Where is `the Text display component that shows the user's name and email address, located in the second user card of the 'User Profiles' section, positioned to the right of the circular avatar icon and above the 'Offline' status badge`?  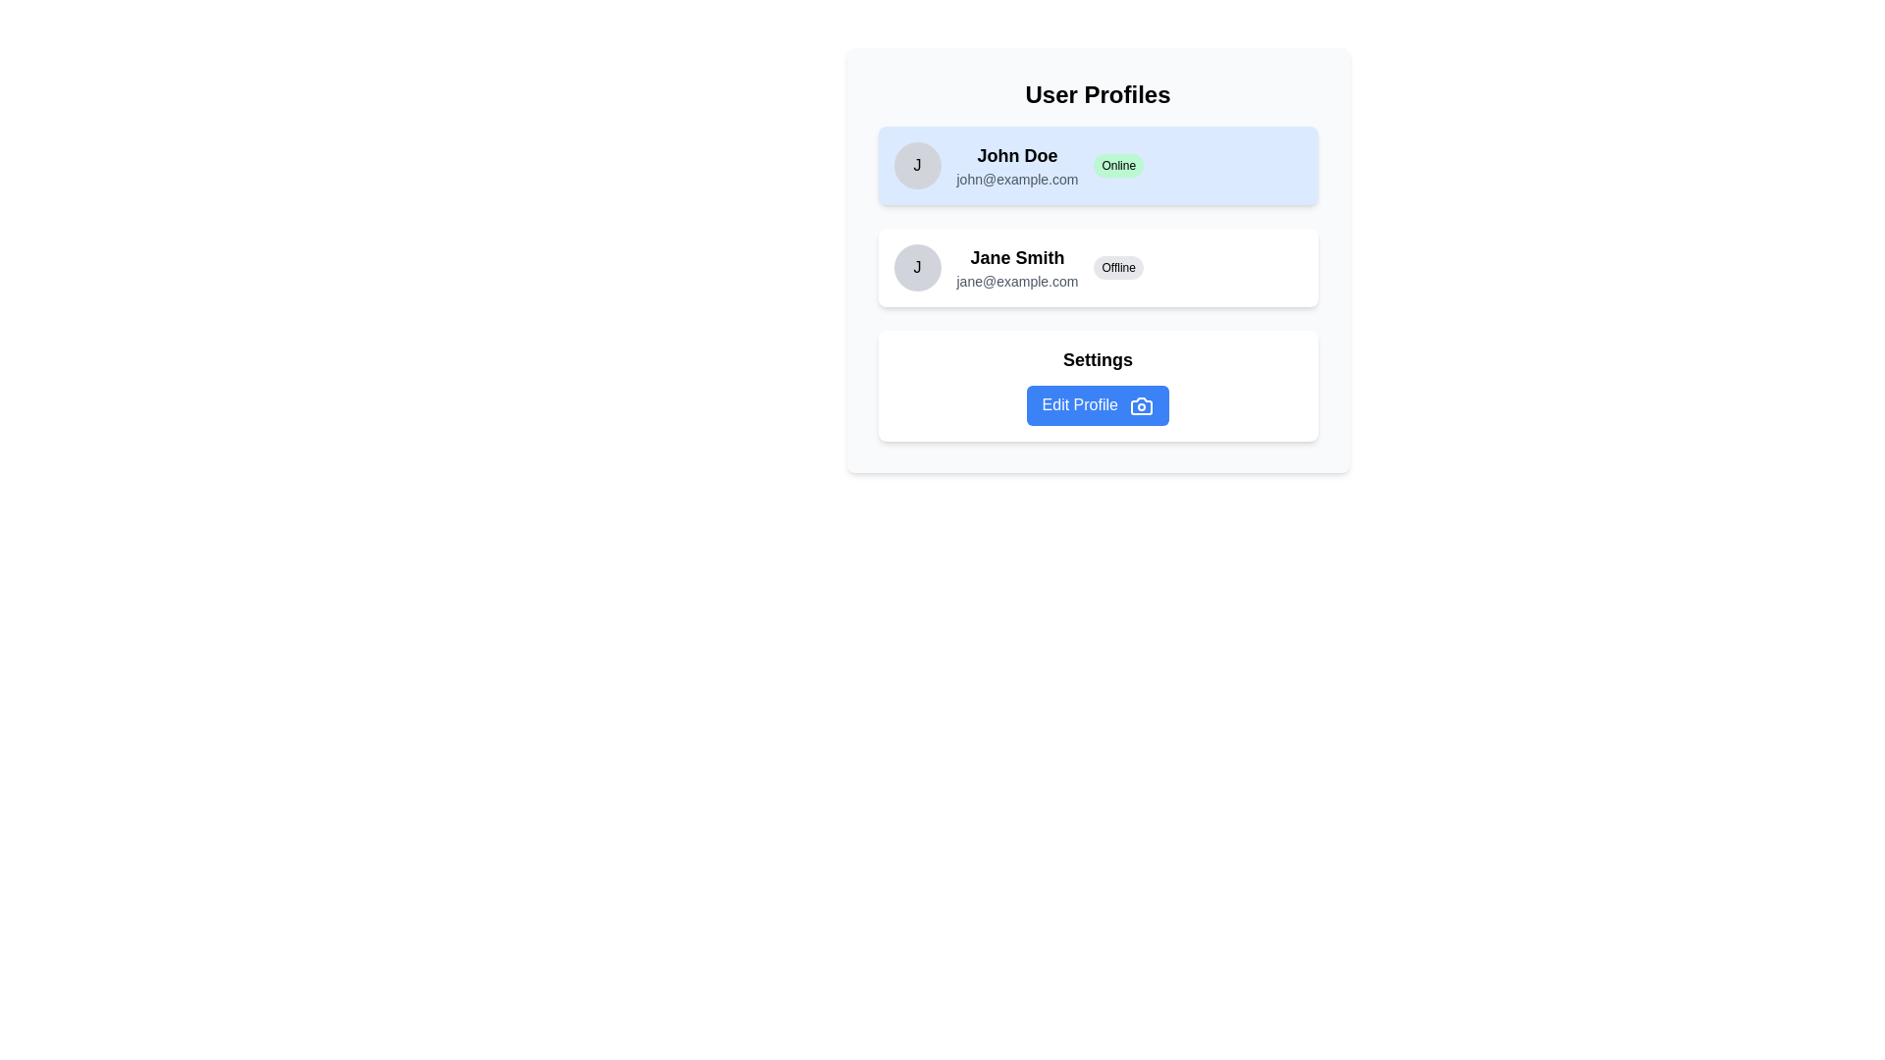
the Text display component that shows the user's name and email address, located in the second user card of the 'User Profiles' section, positioned to the right of the circular avatar icon and above the 'Offline' status badge is located at coordinates (1017, 268).